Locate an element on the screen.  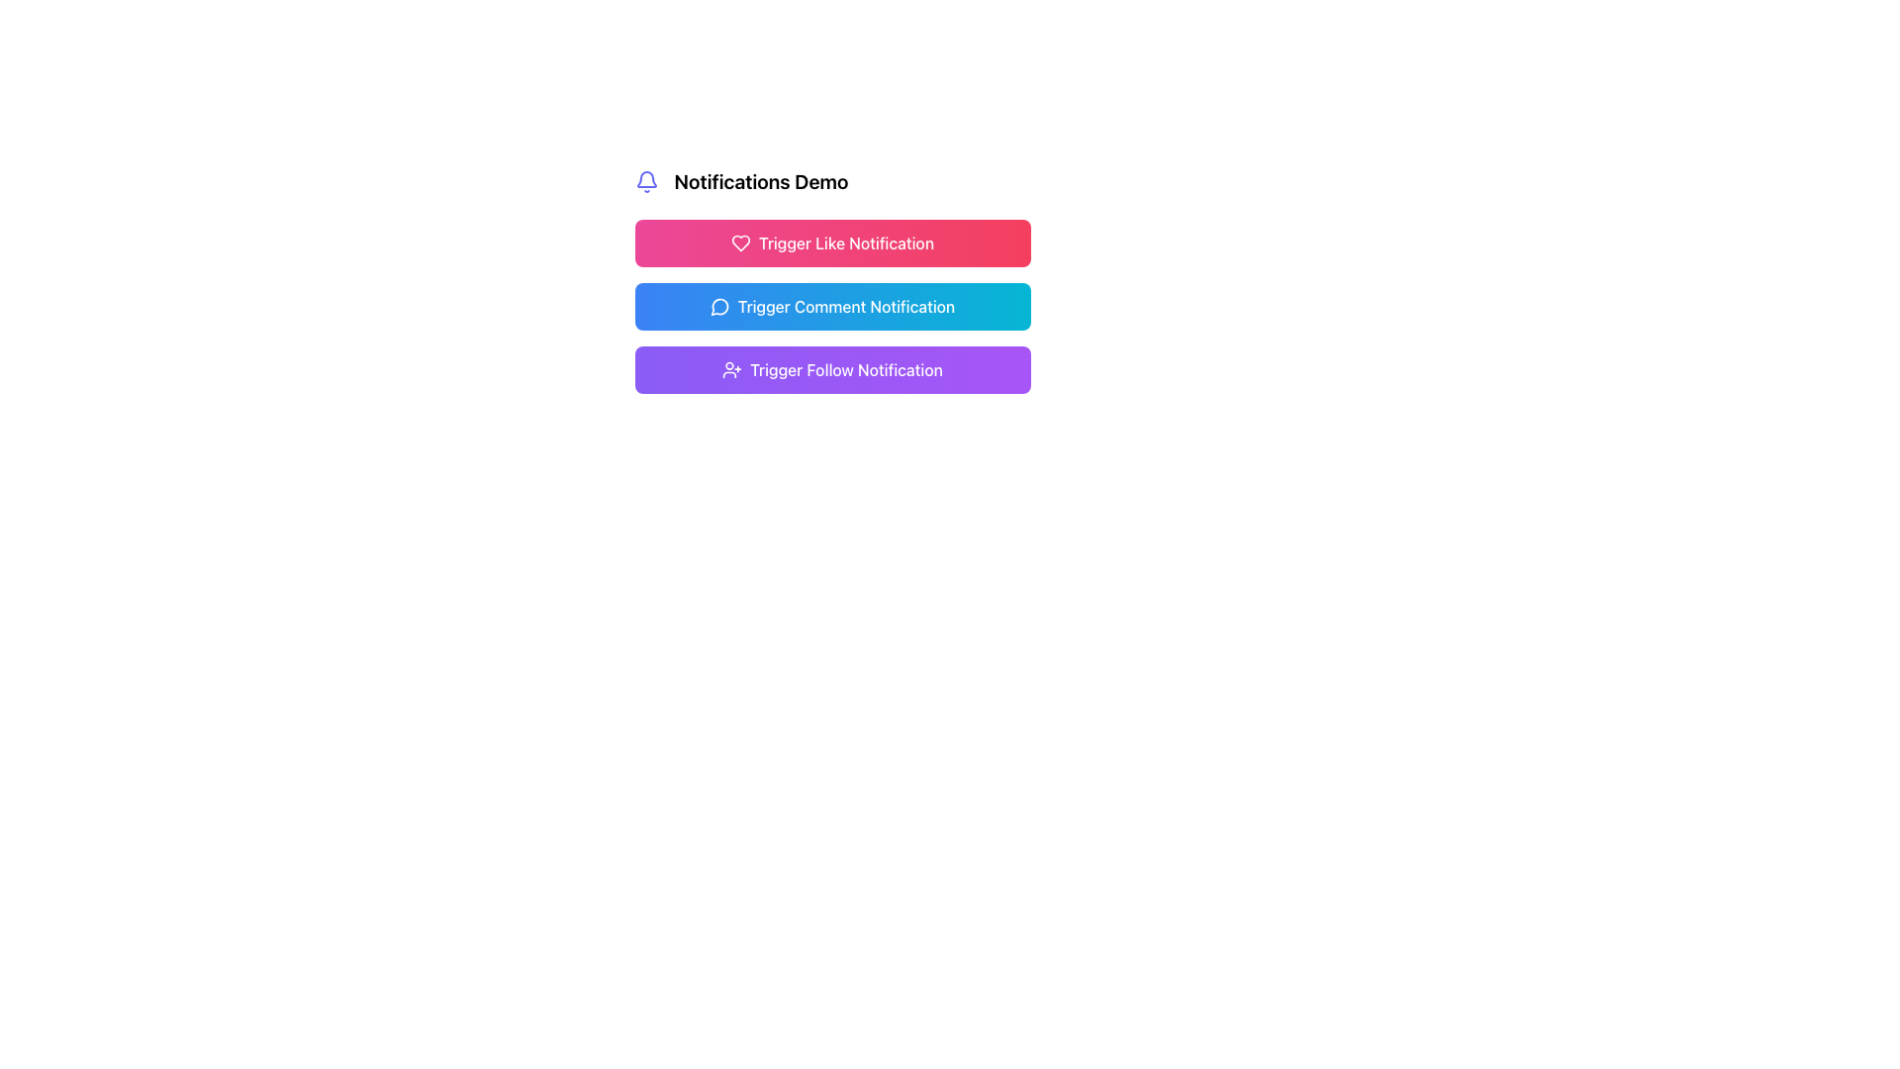
the notification button that triggers a notification related to following a user is located at coordinates (832, 370).